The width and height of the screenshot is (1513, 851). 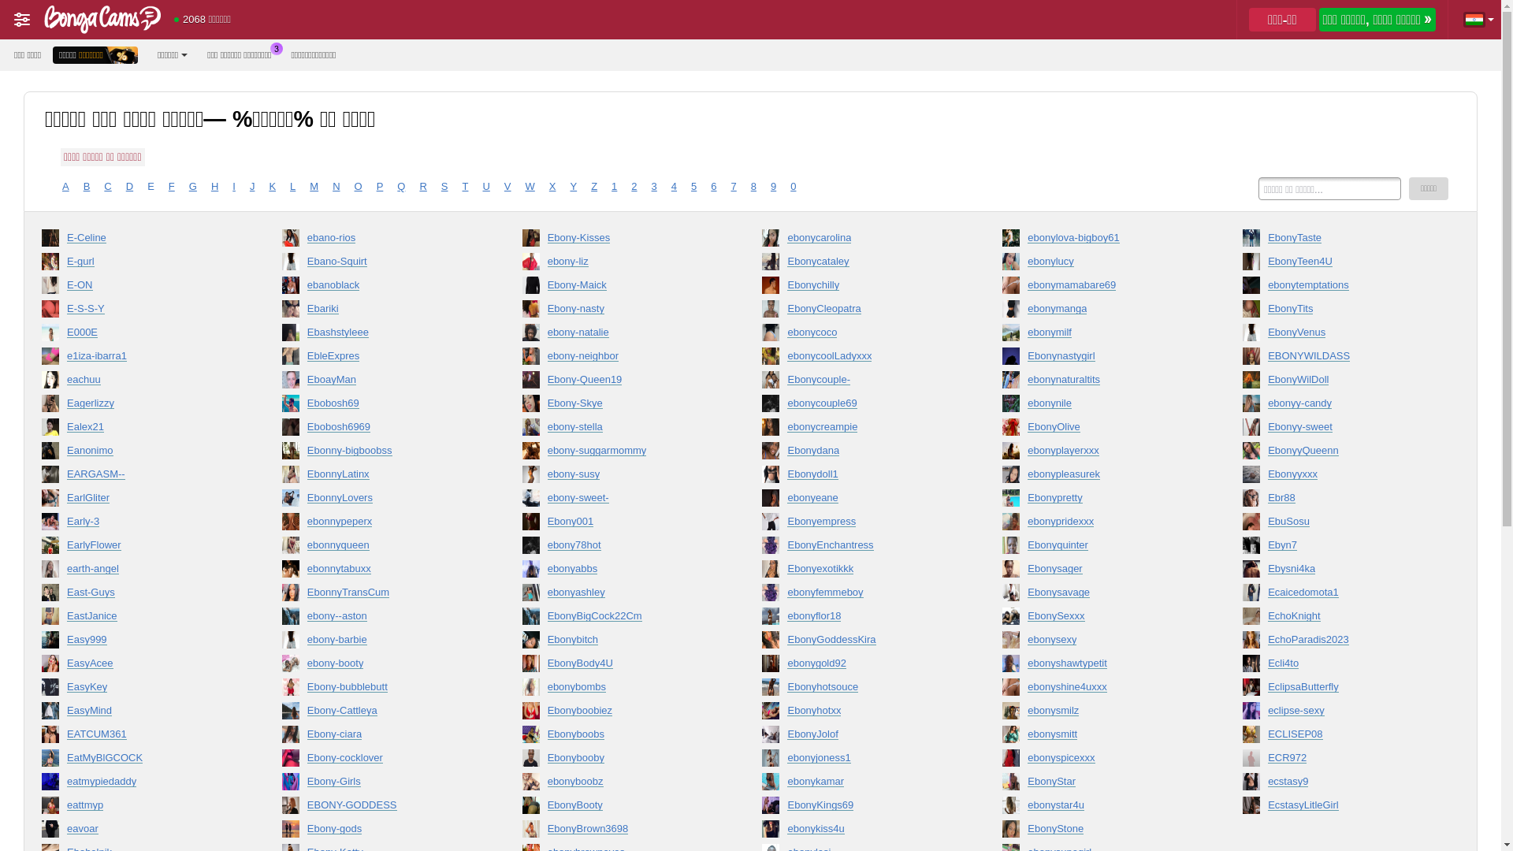 What do you see at coordinates (631, 185) in the screenshot?
I see `'2'` at bounding box center [631, 185].